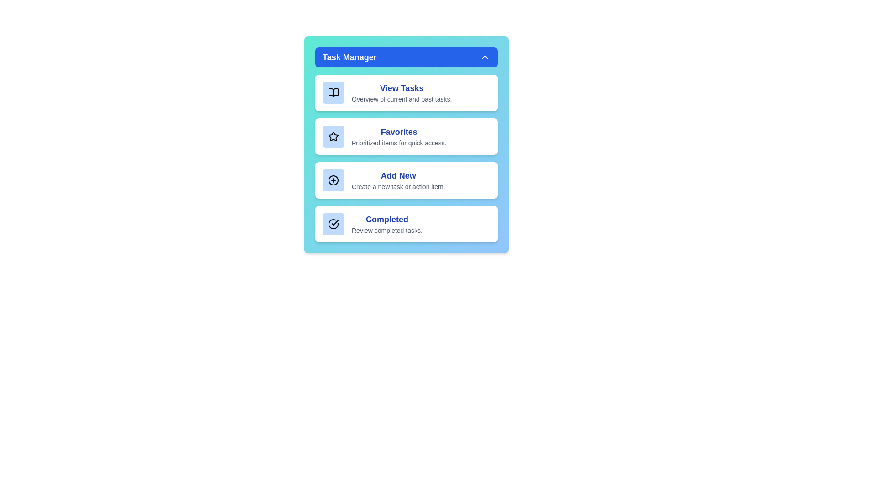 This screenshot has width=876, height=492. What do you see at coordinates (333, 180) in the screenshot?
I see `the icon associated with the Add New list item` at bounding box center [333, 180].